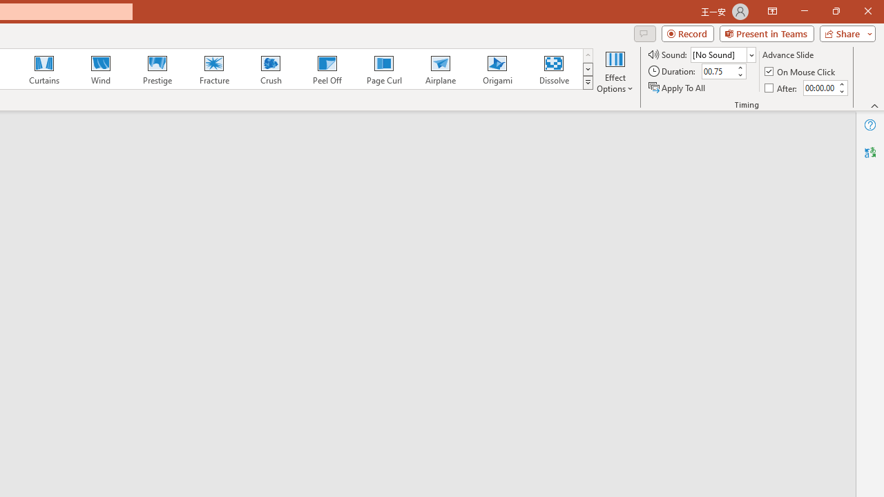 This screenshot has height=497, width=884. Describe the element at coordinates (99, 69) in the screenshot. I see `'Wind'` at that location.